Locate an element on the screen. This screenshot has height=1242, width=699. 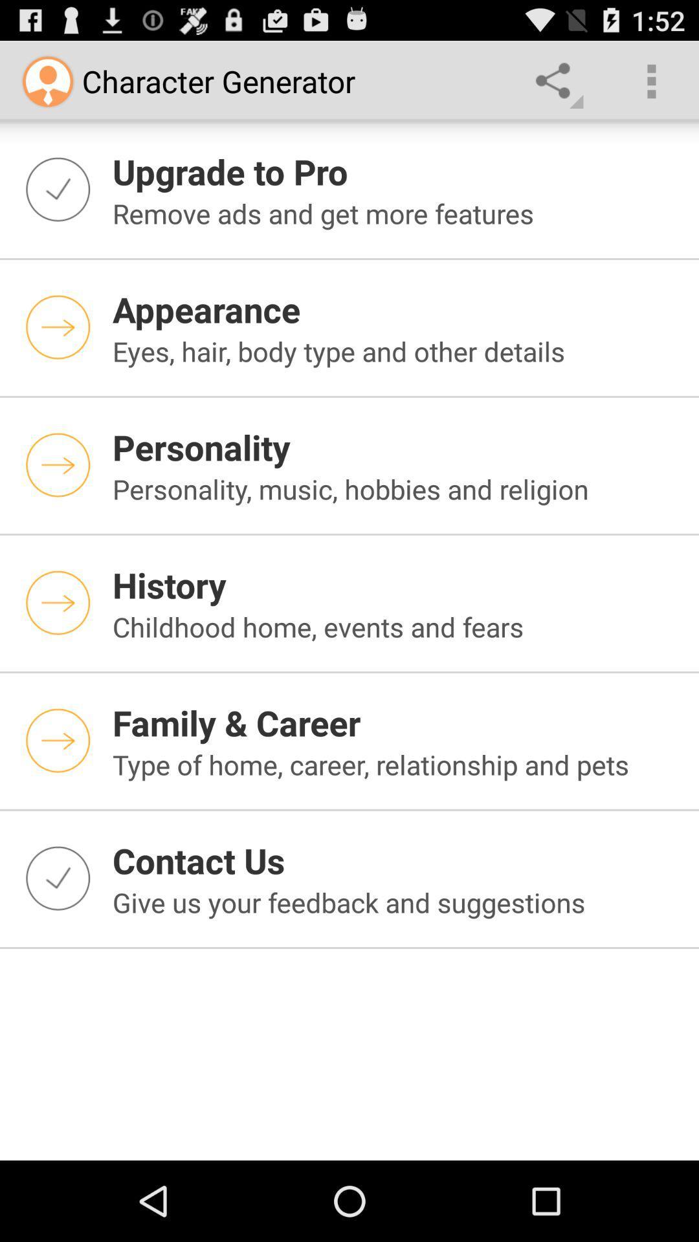
icon above the appearance app is located at coordinates (397, 213).